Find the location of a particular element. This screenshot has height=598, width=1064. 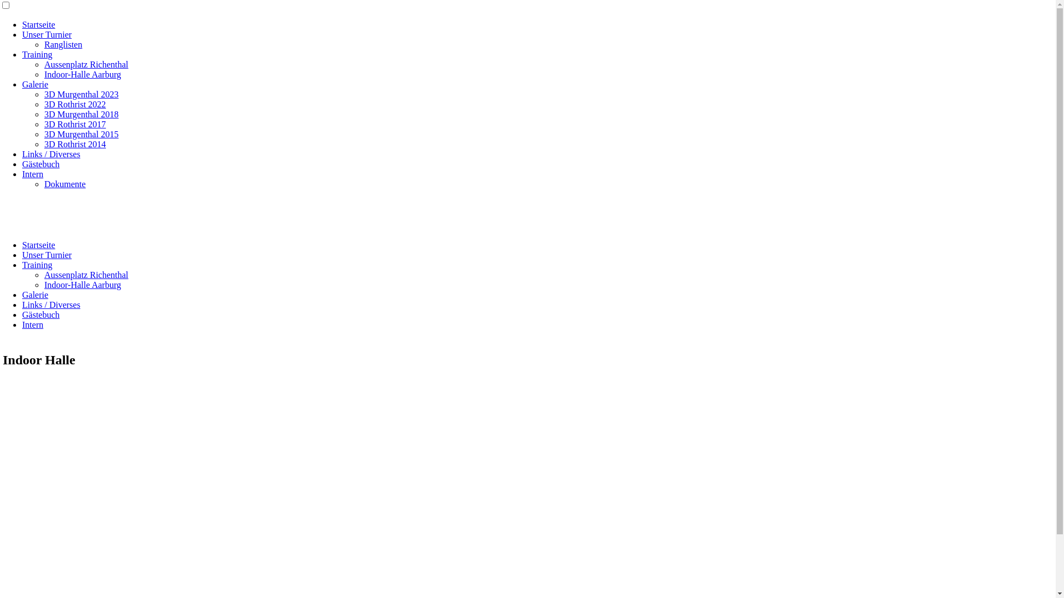

'3D Murgenthal 2015' is located at coordinates (81, 133).